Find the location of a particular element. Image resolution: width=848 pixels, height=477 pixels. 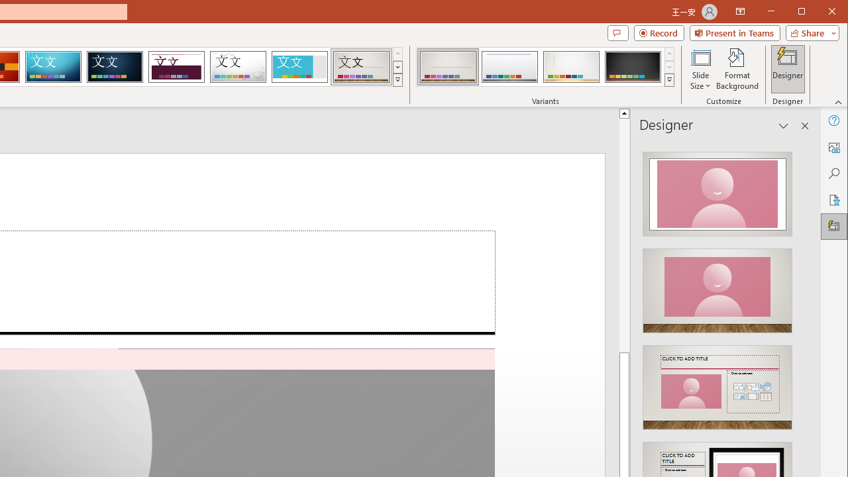

'Droplet' is located at coordinates (238, 66).